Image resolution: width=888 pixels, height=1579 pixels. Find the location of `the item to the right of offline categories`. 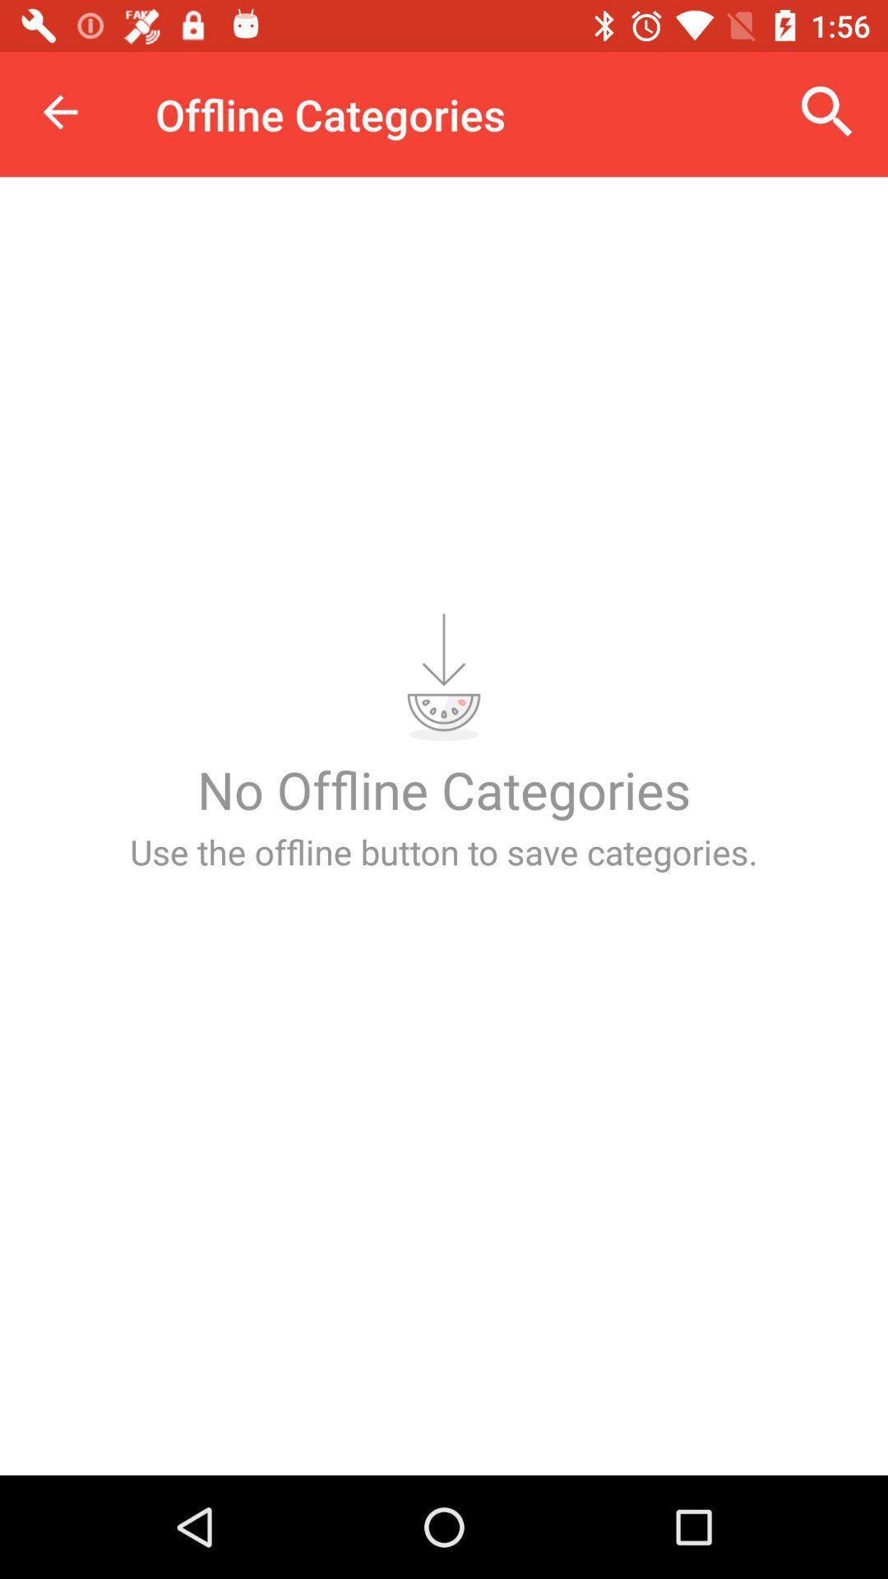

the item to the right of offline categories is located at coordinates (827, 111).